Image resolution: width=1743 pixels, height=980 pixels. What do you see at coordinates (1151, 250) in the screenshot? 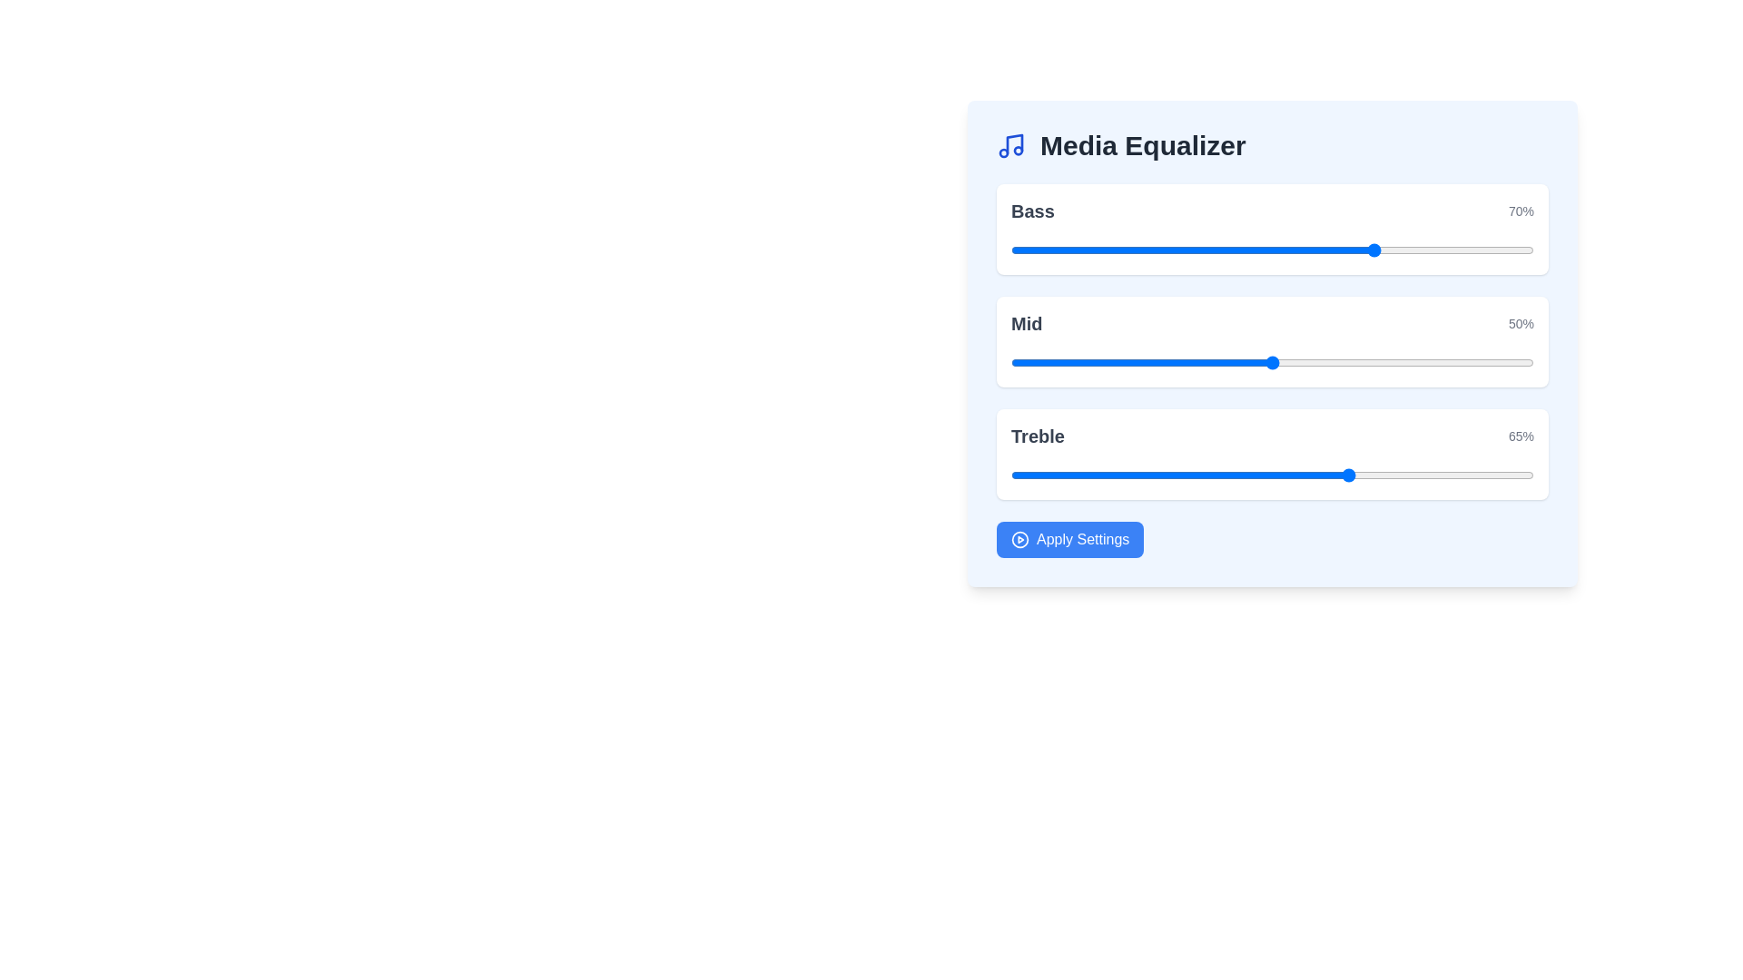
I see `the bass level` at bounding box center [1151, 250].